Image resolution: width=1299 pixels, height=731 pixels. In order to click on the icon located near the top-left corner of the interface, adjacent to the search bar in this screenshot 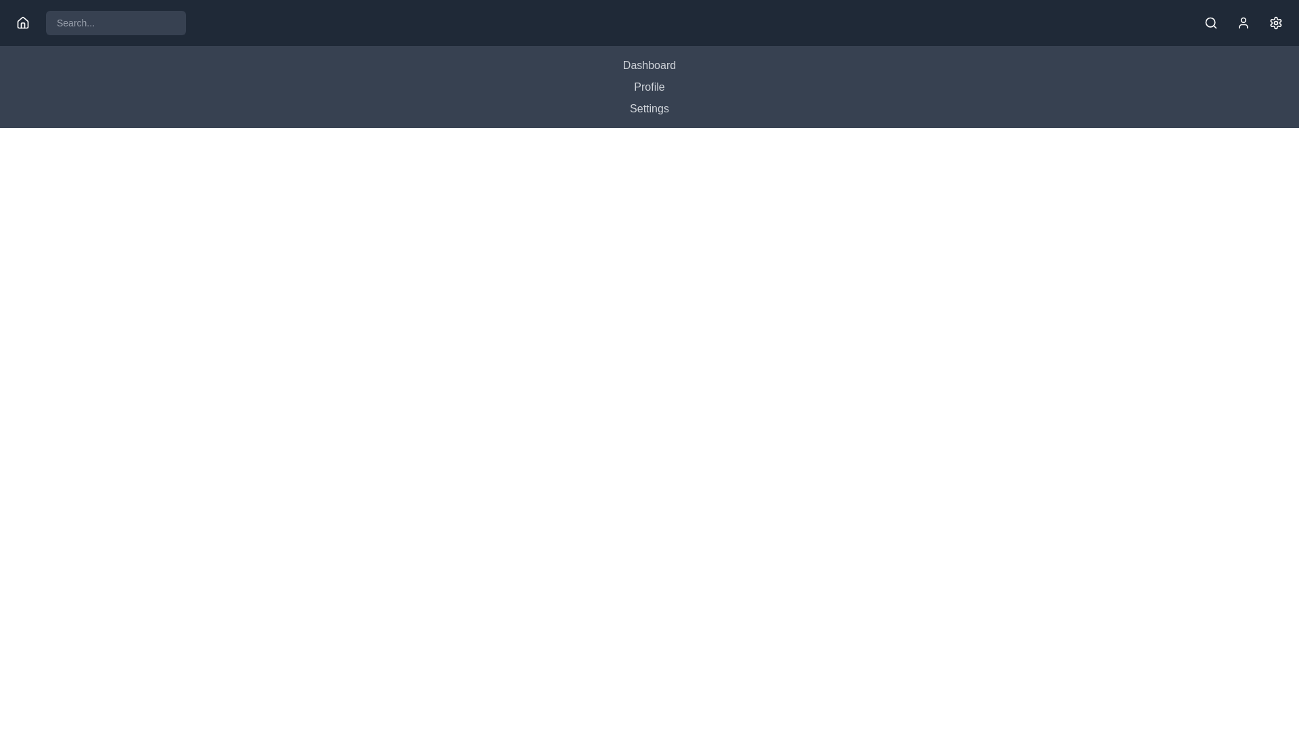, I will do `click(22, 23)`.